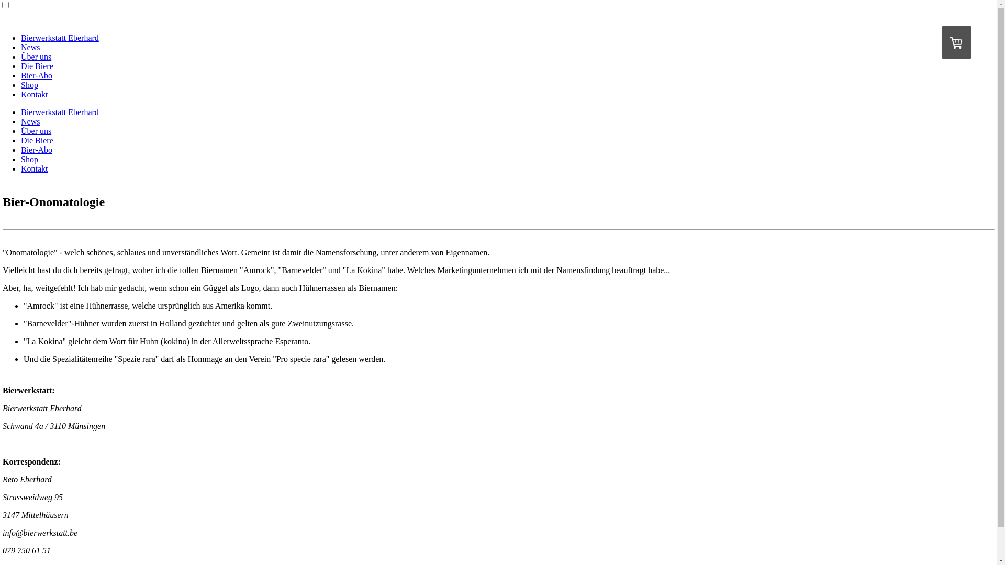  I want to click on 'Bierwerkstatt Eberhard', so click(59, 37).